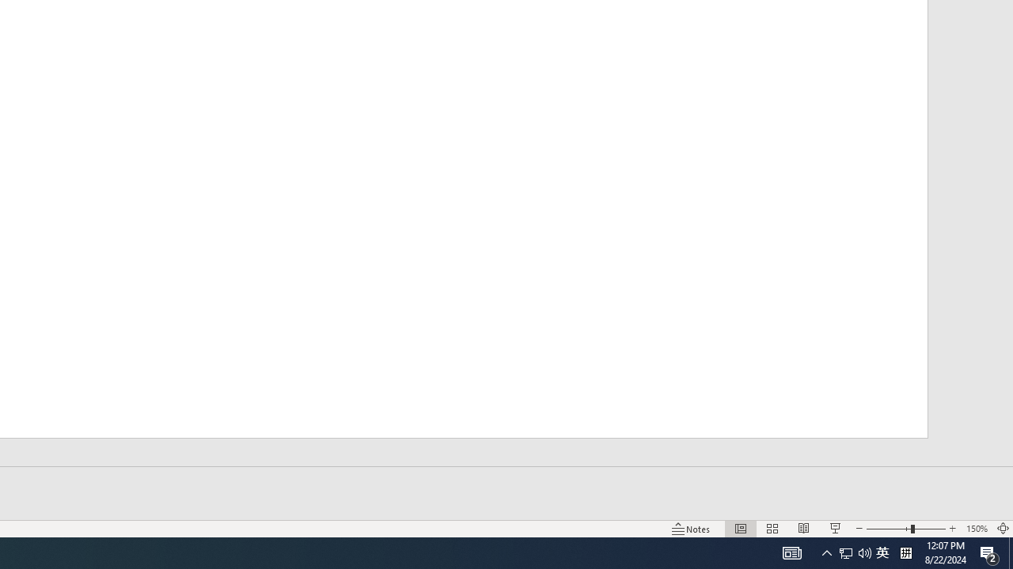 The image size is (1013, 569). Describe the element at coordinates (976, 529) in the screenshot. I see `'Zoom 150%'` at that location.